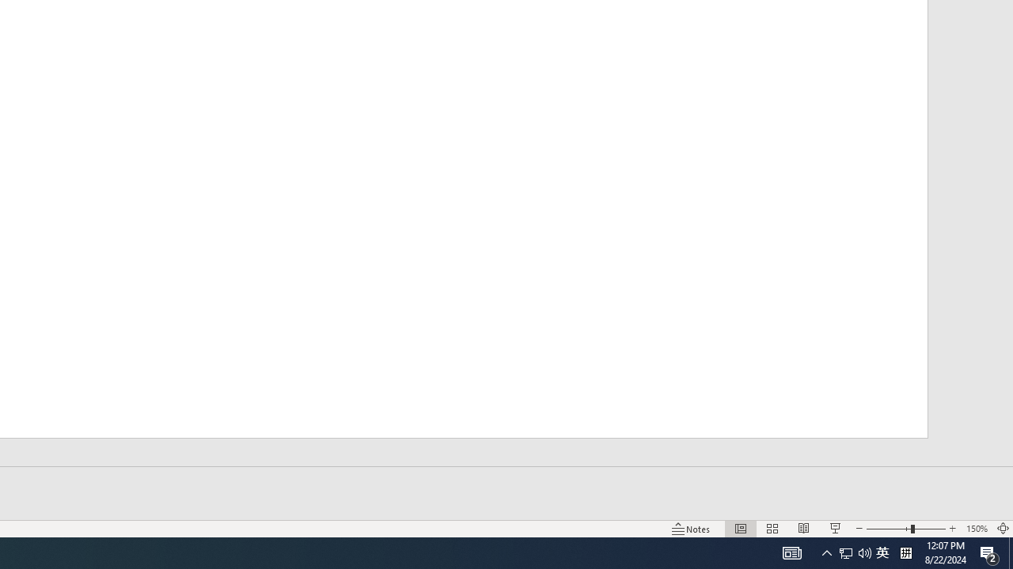 The image size is (1013, 569). Describe the element at coordinates (976, 529) in the screenshot. I see `'Zoom 150%'` at that location.